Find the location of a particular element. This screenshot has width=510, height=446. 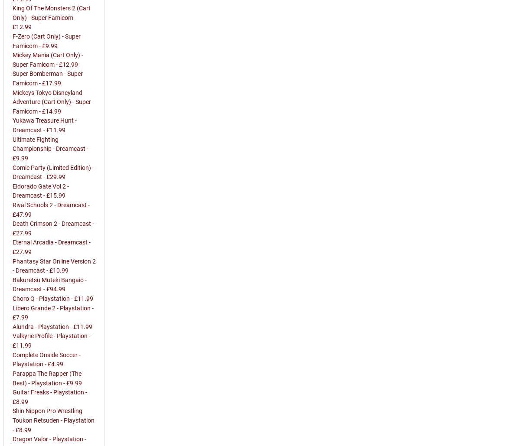

'Ultimate Fighting Championship - Dreamcast - £9.99' is located at coordinates (50, 148).